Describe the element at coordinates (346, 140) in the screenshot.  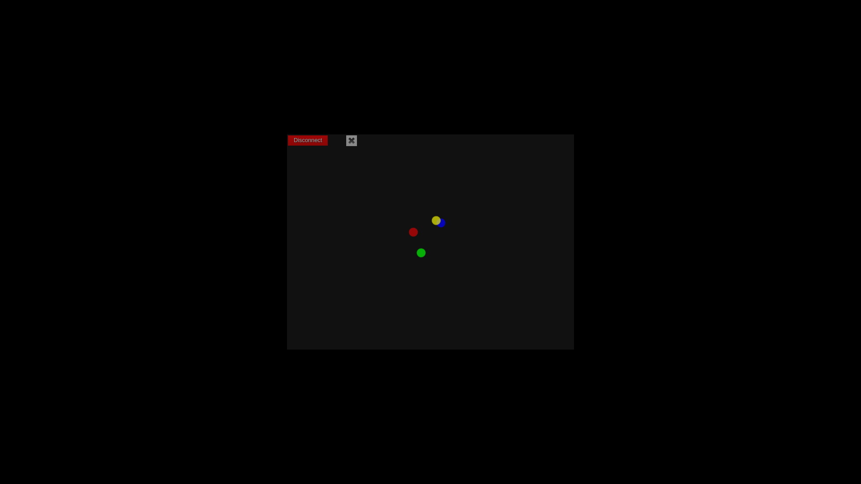
I see `'Hide local video'` at that location.